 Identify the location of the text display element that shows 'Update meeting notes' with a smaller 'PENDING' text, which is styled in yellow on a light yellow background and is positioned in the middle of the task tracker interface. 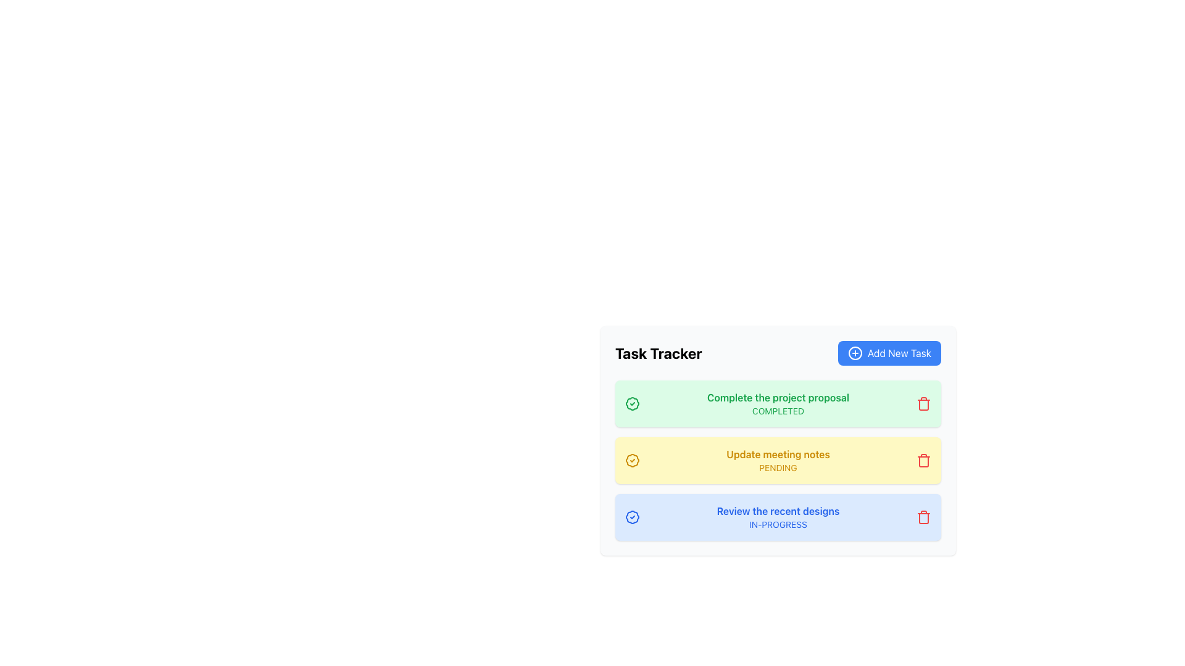
(778, 461).